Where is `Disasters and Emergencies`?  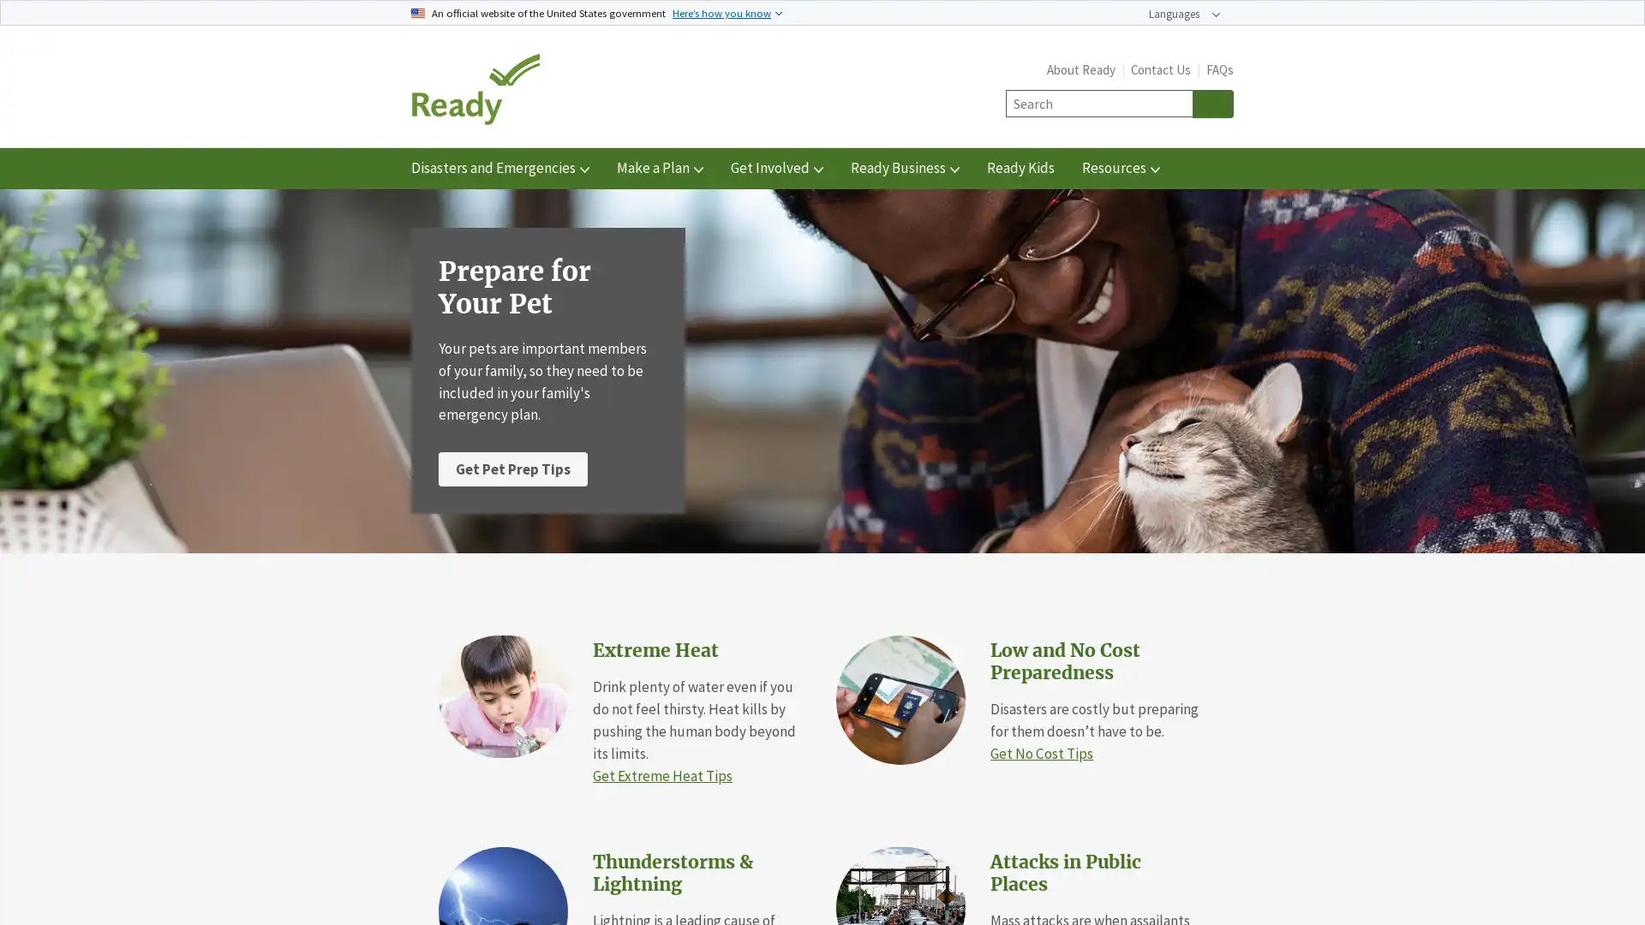 Disasters and Emergencies is located at coordinates (499, 168).